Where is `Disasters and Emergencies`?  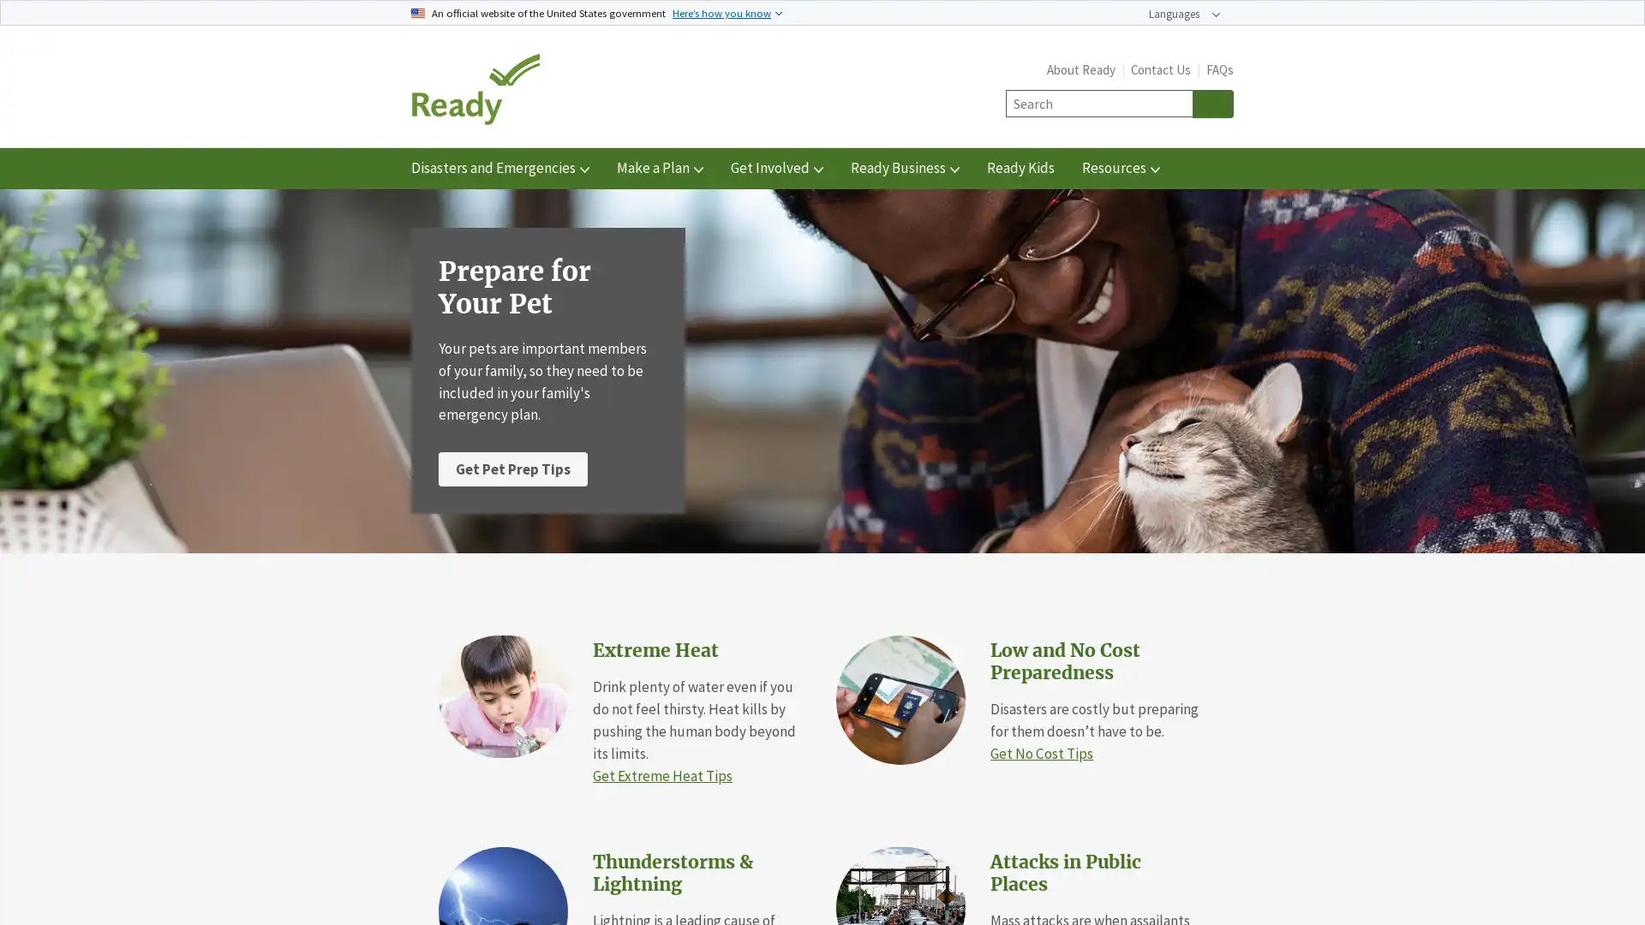 Disasters and Emergencies is located at coordinates (499, 168).